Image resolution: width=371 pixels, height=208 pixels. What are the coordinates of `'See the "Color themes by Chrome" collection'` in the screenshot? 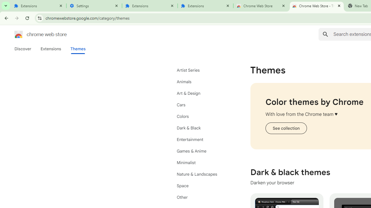 It's located at (286, 128).